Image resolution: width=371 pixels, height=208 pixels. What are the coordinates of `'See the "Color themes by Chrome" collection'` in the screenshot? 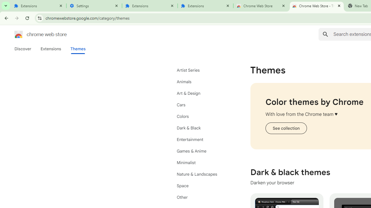 It's located at (286, 128).